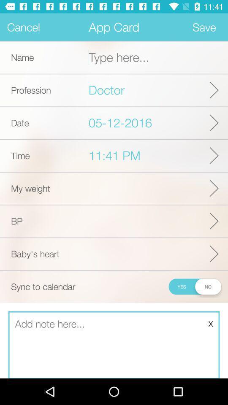 The height and width of the screenshot is (405, 228). Describe the element at coordinates (214, 155) in the screenshot. I see `next arrow right to 1141 pm` at that location.